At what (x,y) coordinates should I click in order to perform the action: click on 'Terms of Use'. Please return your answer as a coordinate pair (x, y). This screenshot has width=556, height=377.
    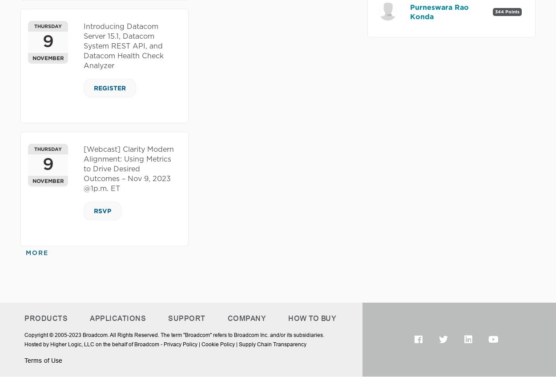
    Looking at the image, I should click on (43, 360).